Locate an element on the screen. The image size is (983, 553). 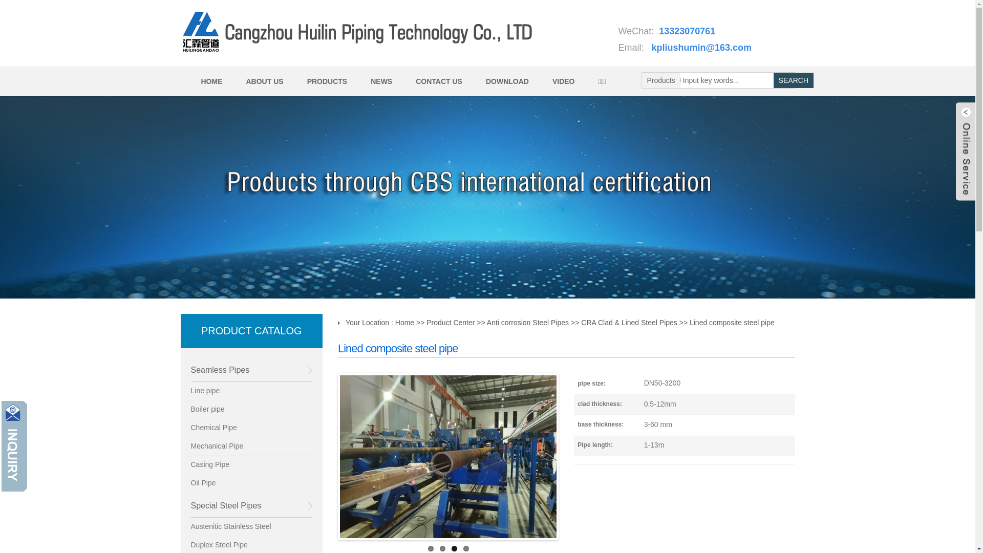
'2' is located at coordinates (440, 548).